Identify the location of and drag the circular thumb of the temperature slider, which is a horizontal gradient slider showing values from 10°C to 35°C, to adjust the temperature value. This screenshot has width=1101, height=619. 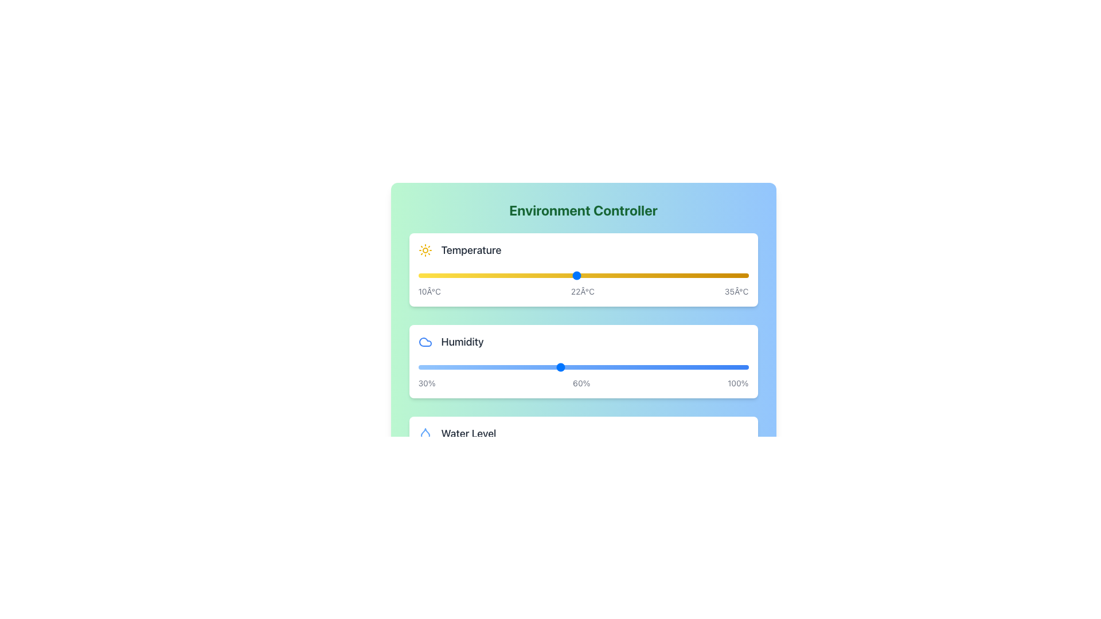
(583, 276).